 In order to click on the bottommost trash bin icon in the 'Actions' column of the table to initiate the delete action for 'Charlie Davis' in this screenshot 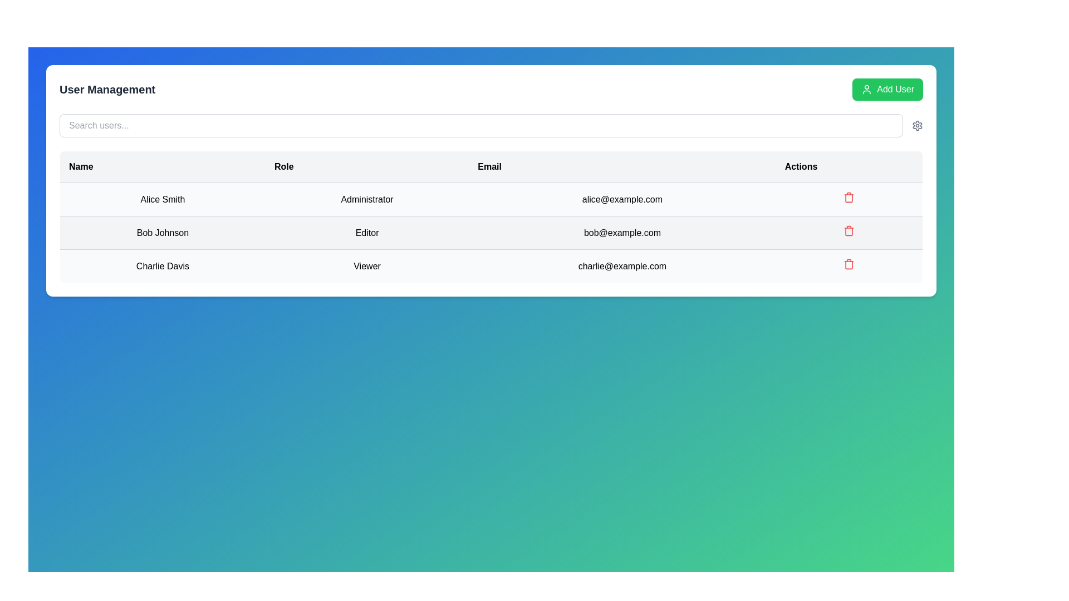, I will do `click(849, 264)`.